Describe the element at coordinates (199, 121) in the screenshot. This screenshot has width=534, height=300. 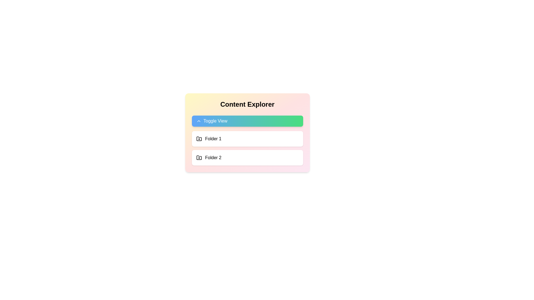
I see `the chevron-up icon located to the left of the 'Toggle View' label within its gradient background button in the 'Content Explorer' card` at that location.